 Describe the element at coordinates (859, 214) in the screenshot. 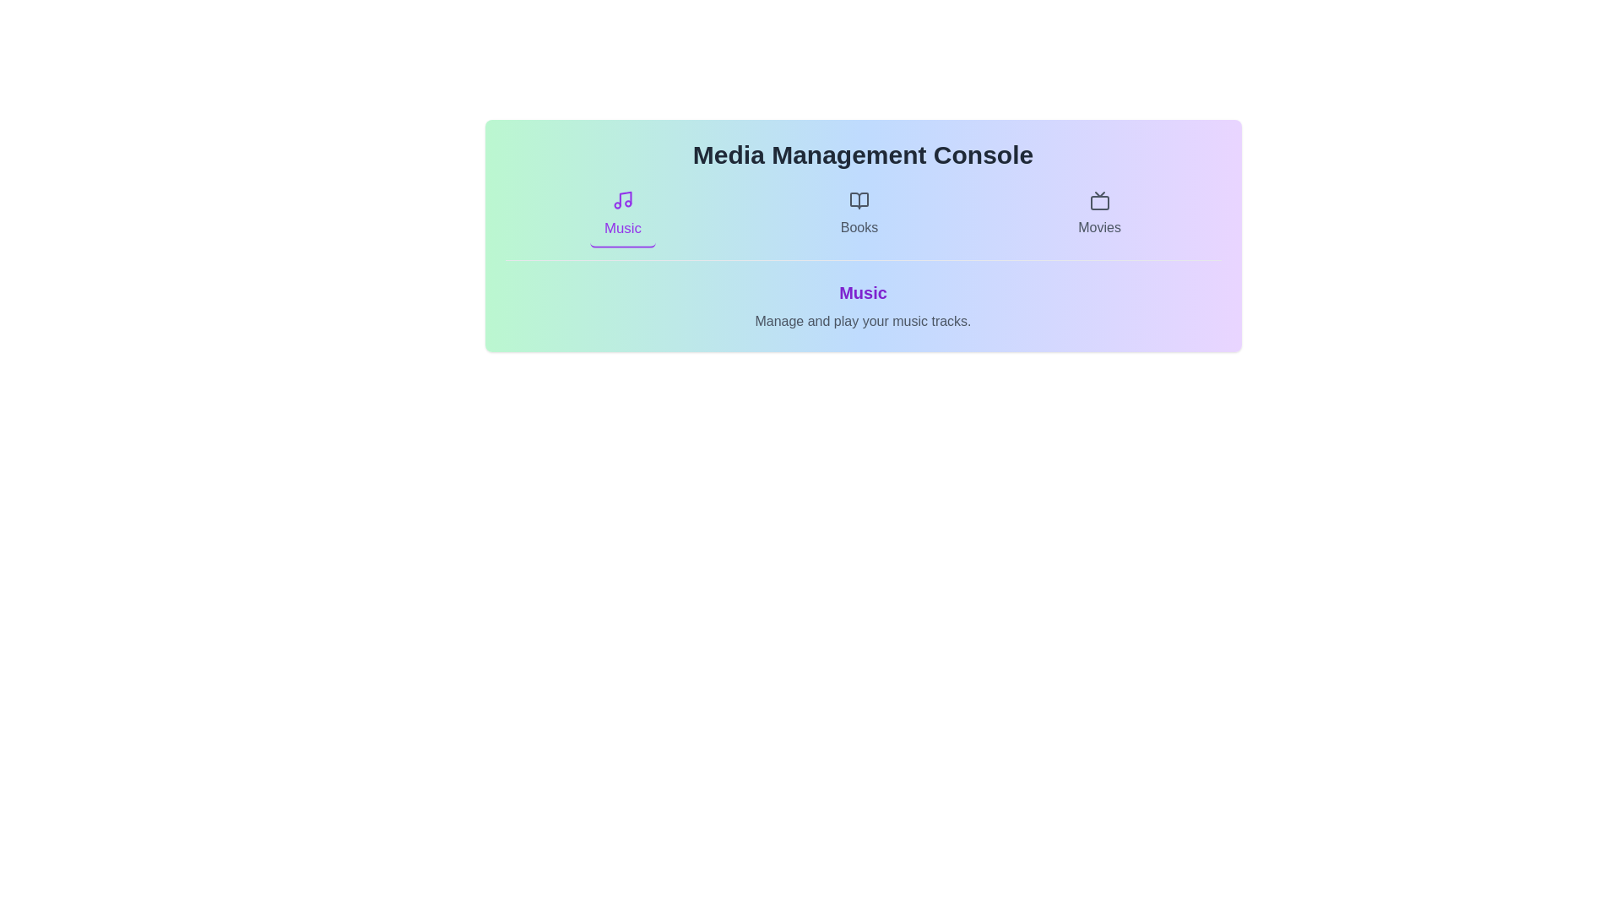

I see `the tab Books from the available tabs` at that location.